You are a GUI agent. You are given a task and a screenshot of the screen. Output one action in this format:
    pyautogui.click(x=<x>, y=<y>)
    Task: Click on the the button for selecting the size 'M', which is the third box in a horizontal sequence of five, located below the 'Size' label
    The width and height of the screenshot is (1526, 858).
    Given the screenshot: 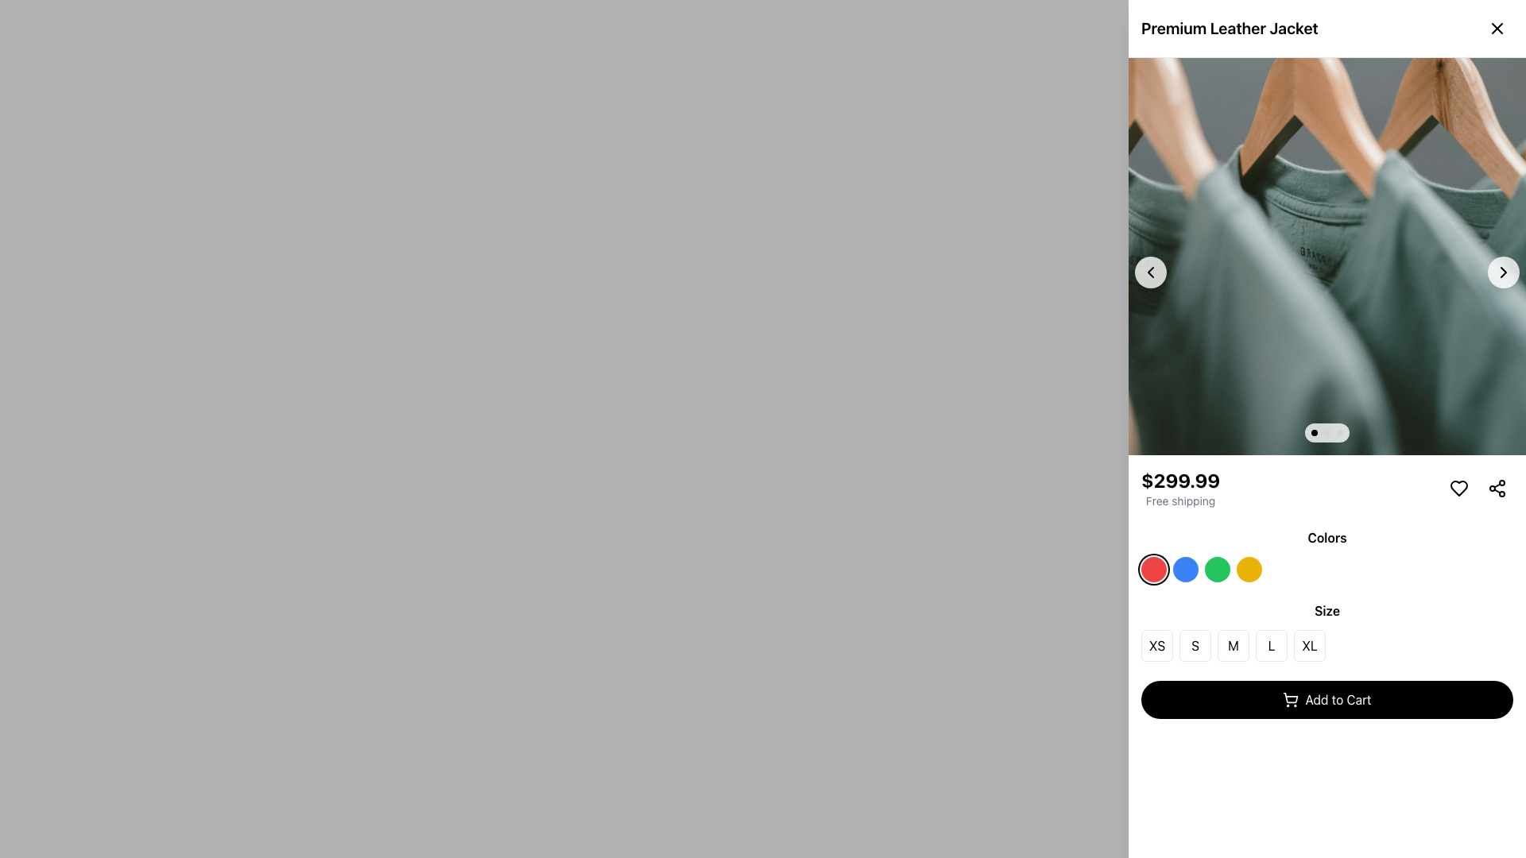 What is the action you would take?
    pyautogui.click(x=1232, y=646)
    